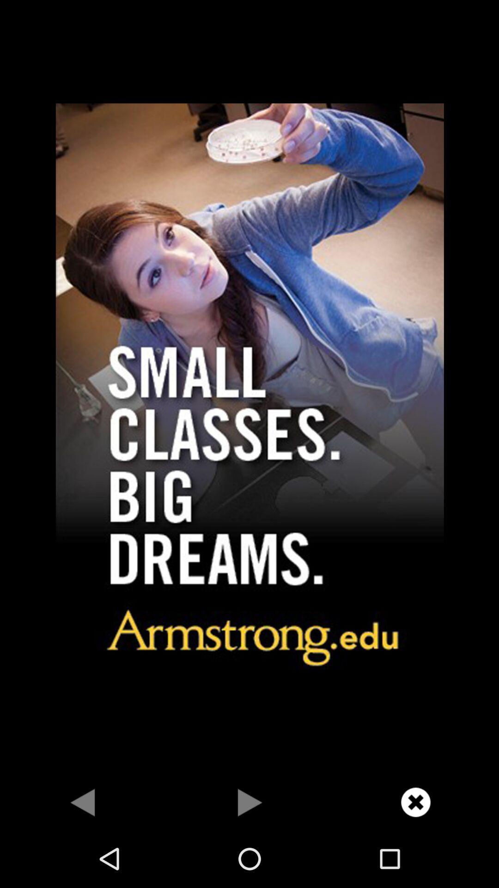  I want to click on for back, so click(83, 802).